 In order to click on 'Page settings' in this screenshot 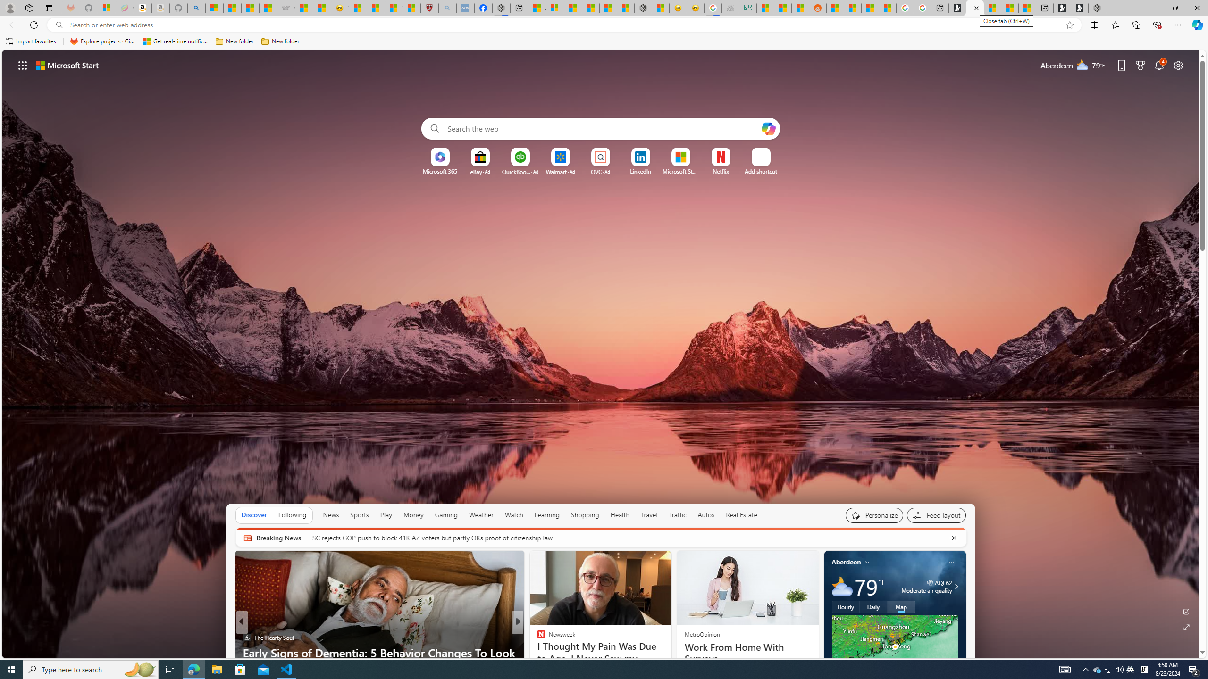, I will do `click(1178, 65)`.